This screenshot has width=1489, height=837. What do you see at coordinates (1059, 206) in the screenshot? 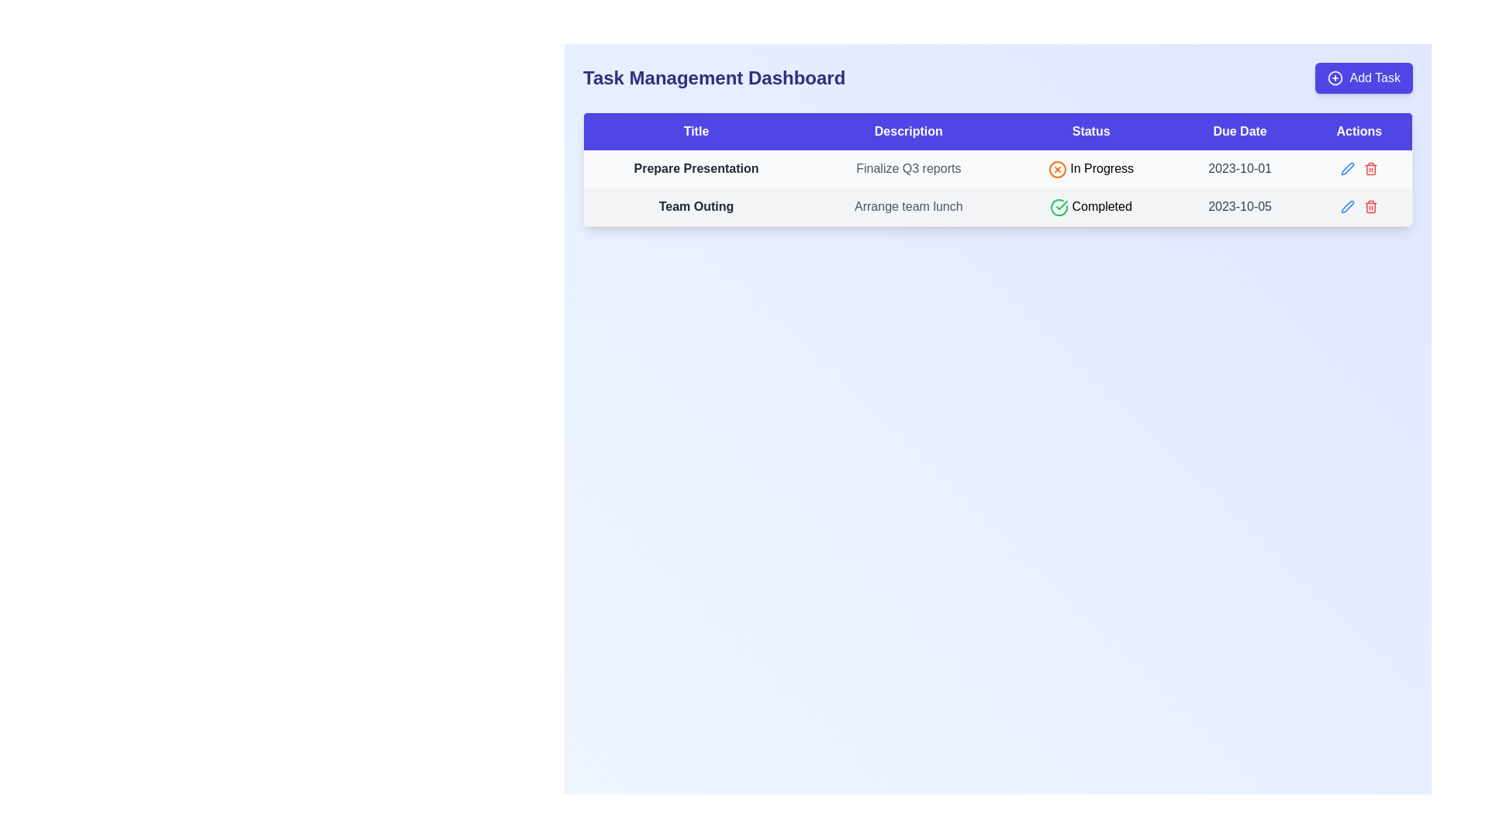
I see `the circular icon with a green border and a checkmark inside, indicating successful completion, located in the 'Status' column of the second row in the dashboard` at bounding box center [1059, 206].